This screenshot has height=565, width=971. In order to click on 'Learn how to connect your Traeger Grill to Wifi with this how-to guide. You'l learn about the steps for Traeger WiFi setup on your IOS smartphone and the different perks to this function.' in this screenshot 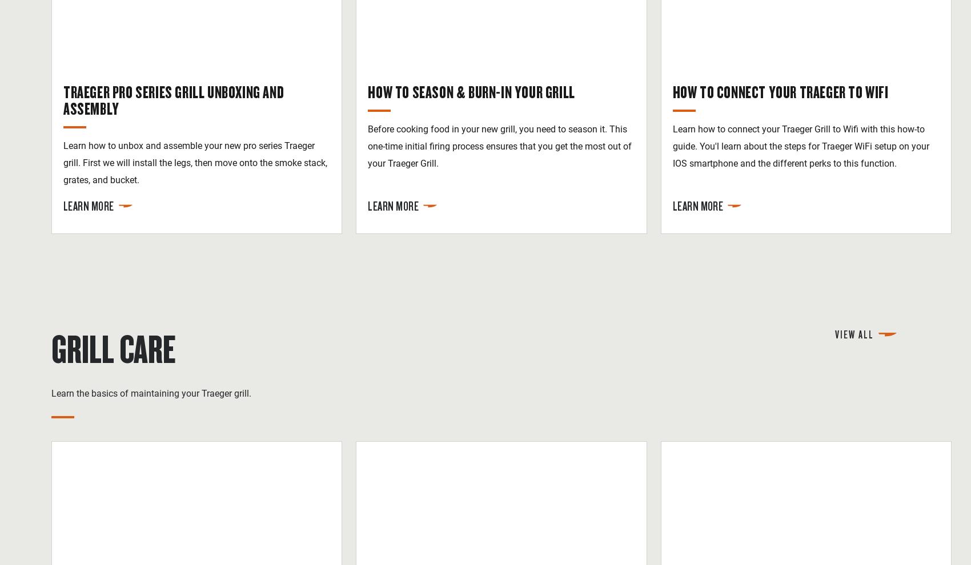, I will do `click(800, 146)`.